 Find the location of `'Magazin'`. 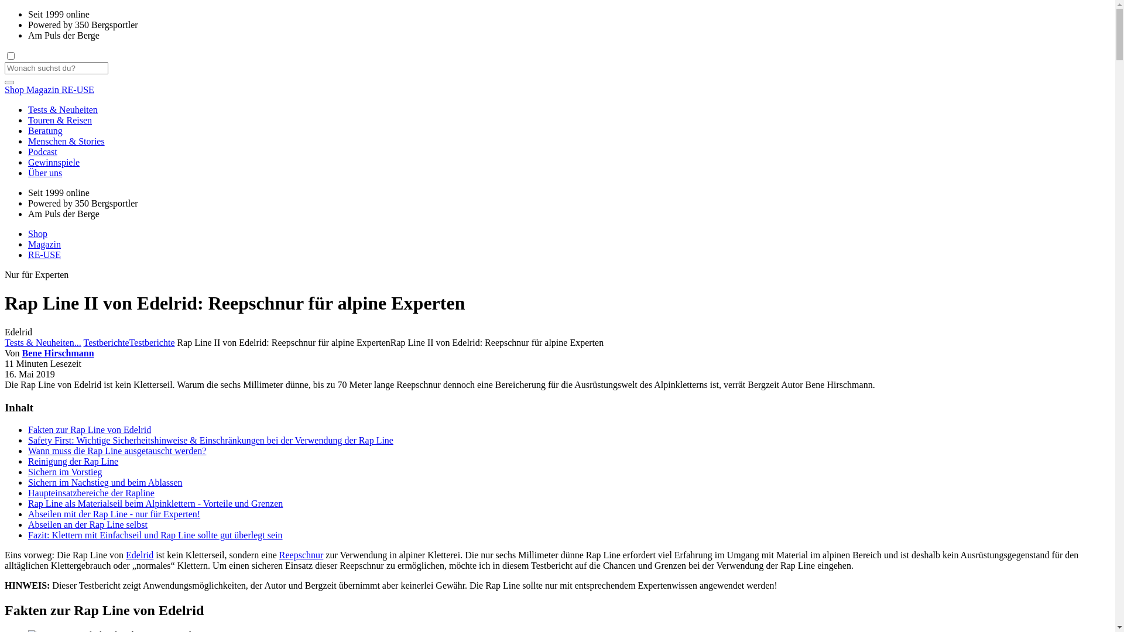

'Magazin' is located at coordinates (44, 243).